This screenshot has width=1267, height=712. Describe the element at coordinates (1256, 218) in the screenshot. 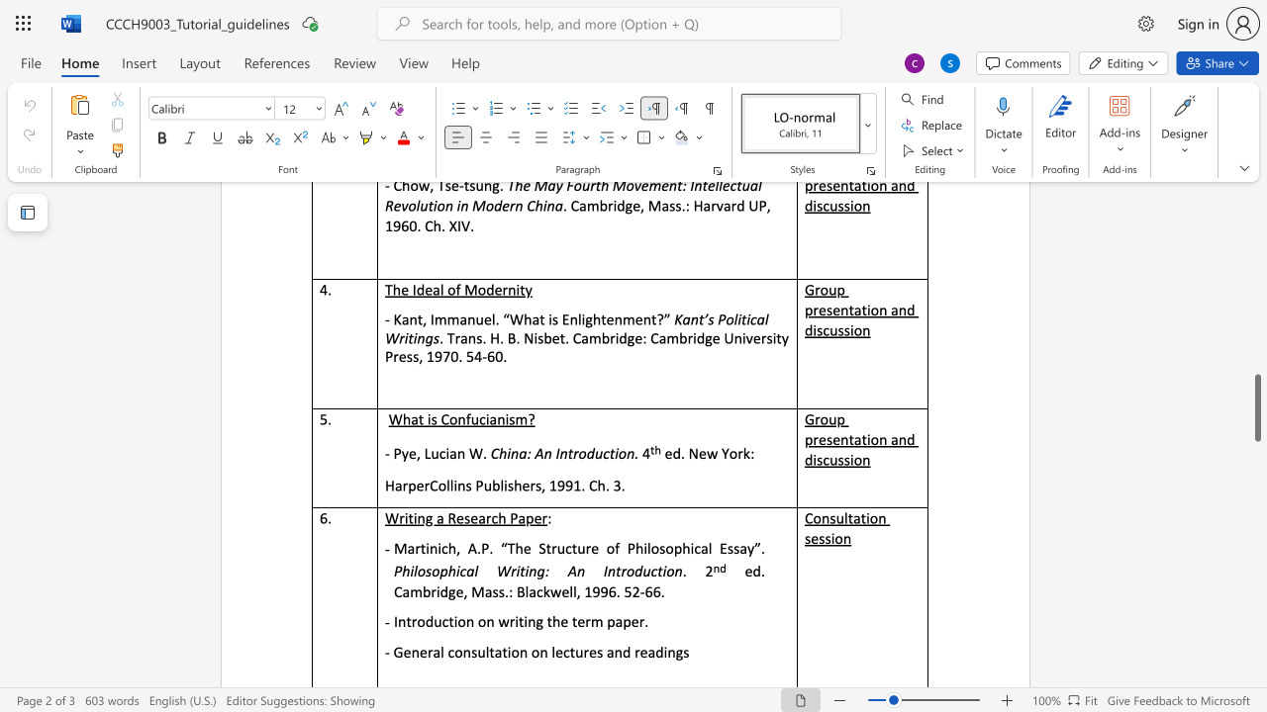

I see `the scrollbar to adjust the page upward` at that location.